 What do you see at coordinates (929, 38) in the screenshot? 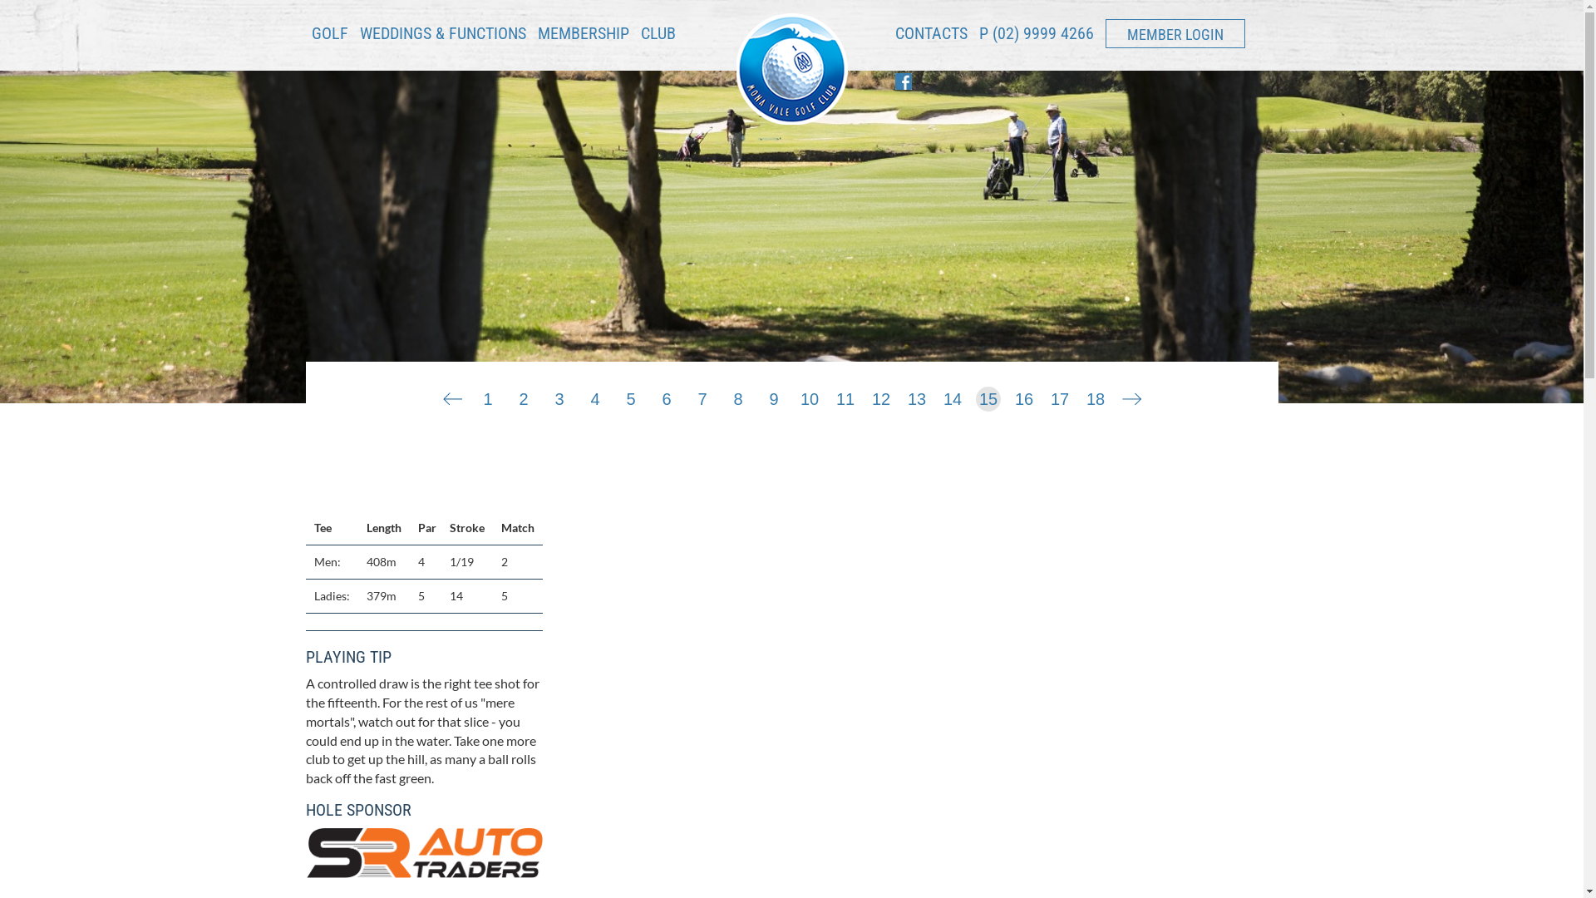
I see `'CONTACTS'` at bounding box center [929, 38].